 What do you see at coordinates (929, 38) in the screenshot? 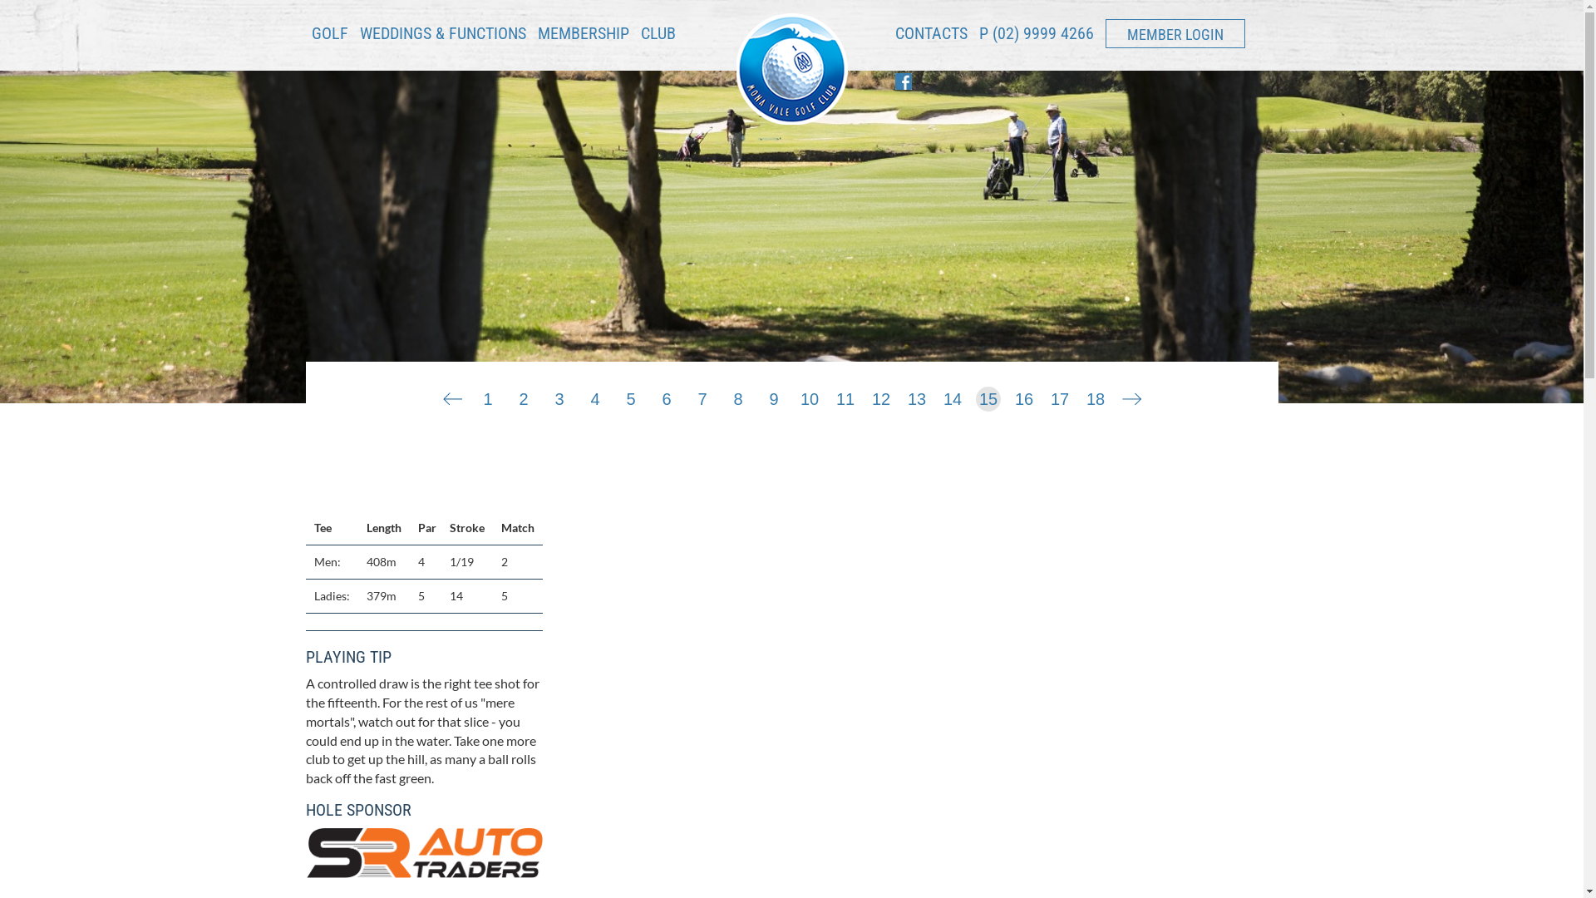
I see `'CONTACTS'` at bounding box center [929, 38].